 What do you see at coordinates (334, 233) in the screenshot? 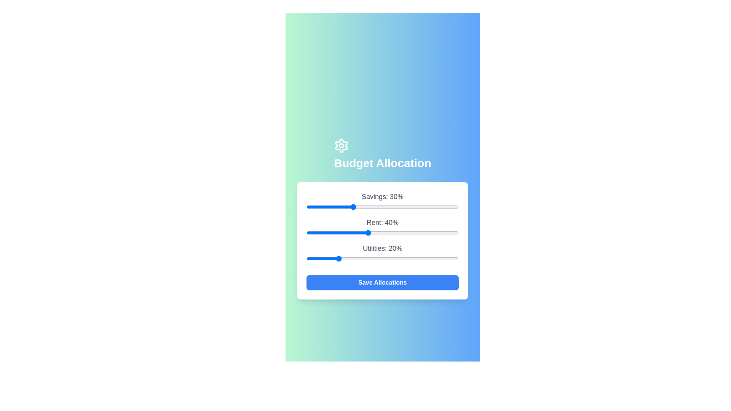
I see `the 'Rent' slider to 18%` at bounding box center [334, 233].